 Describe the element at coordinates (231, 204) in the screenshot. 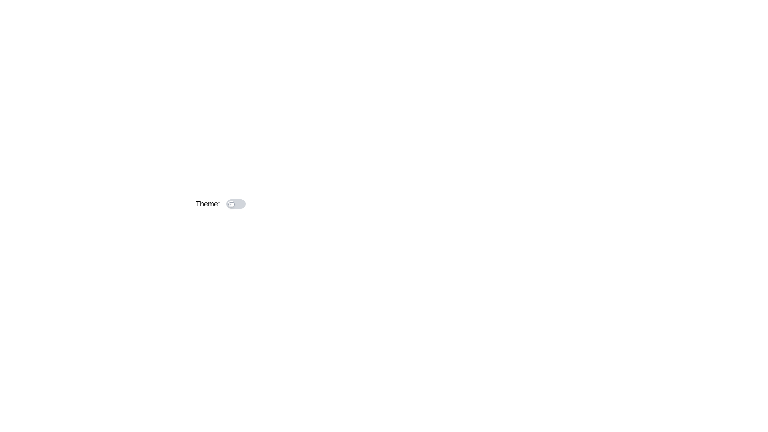

I see `the SVG icon of the toggle control, which is styled with a circular marker inside an elongated rectangle and is located to the right of the 'Theme:' text label` at that location.